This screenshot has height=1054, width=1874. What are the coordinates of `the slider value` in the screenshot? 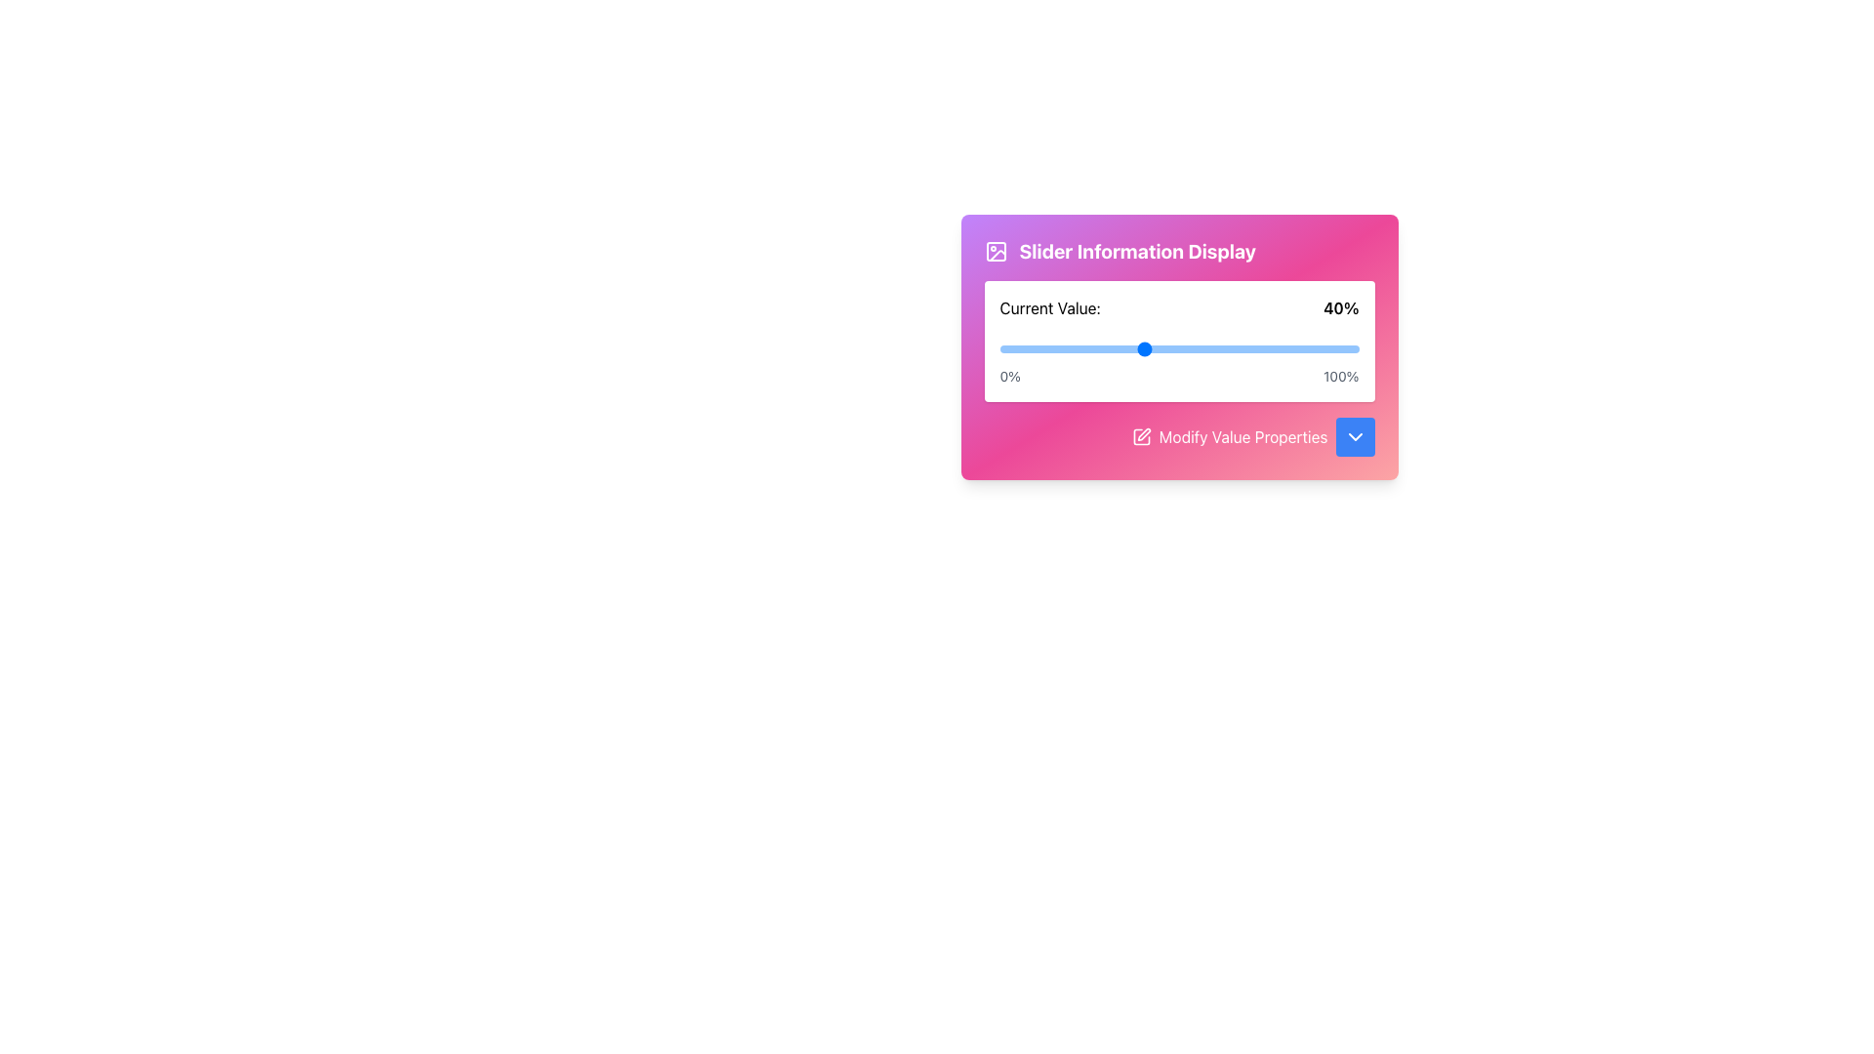 It's located at (1125, 348).